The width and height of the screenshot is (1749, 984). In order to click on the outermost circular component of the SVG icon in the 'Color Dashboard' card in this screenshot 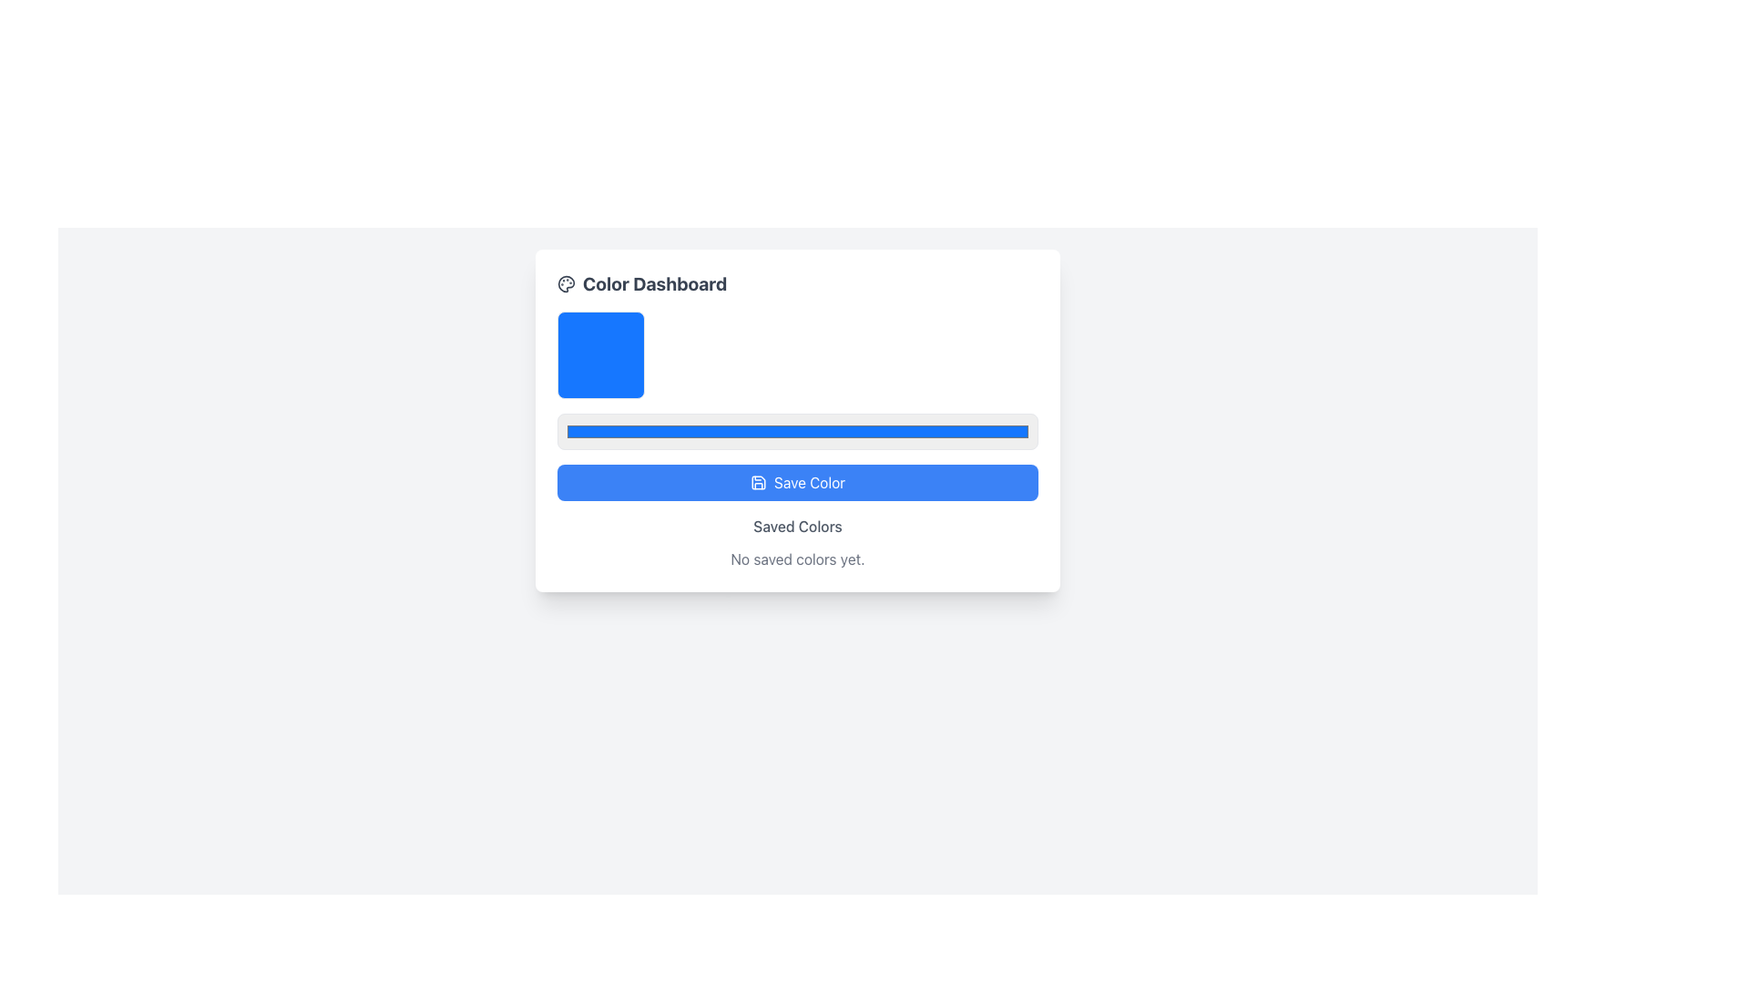, I will do `click(566, 284)`.